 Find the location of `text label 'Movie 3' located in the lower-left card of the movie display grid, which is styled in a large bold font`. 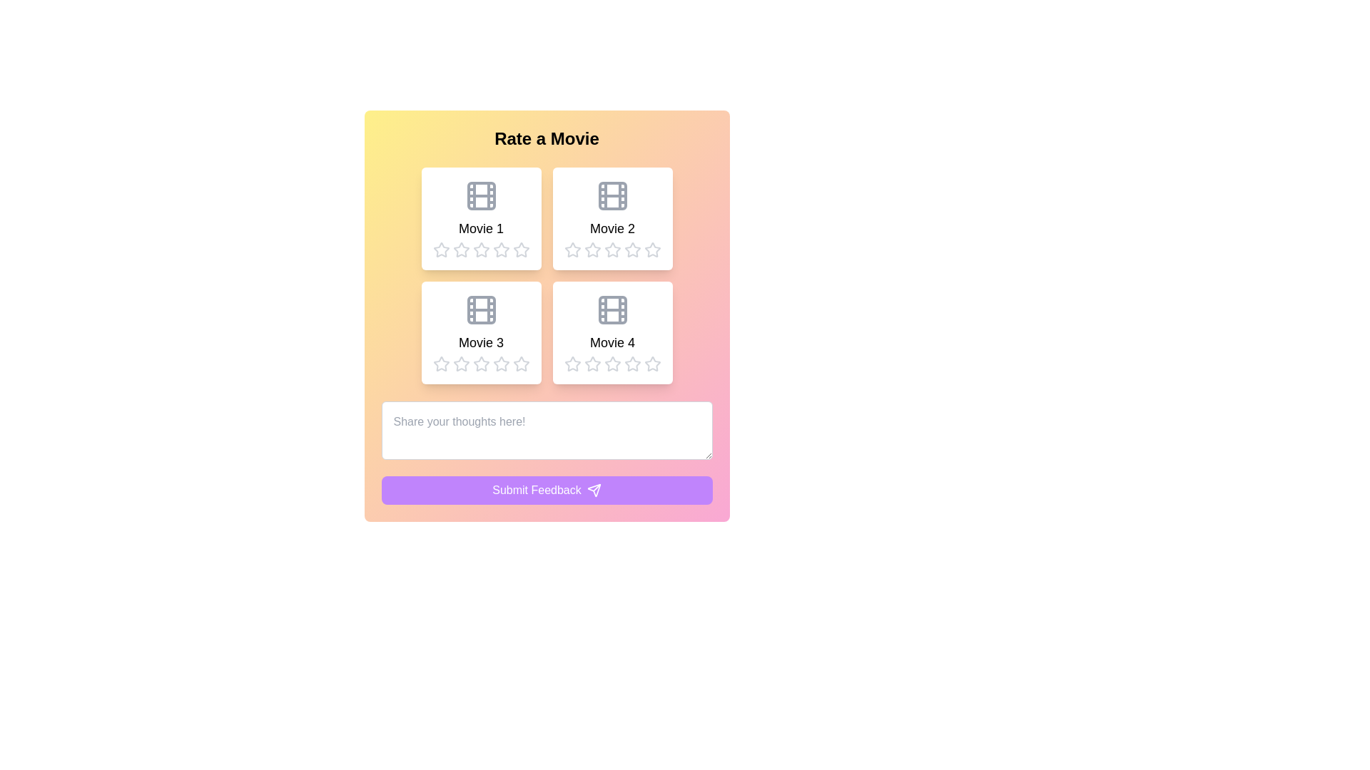

text label 'Movie 3' located in the lower-left card of the movie display grid, which is styled in a large bold font is located at coordinates (481, 343).